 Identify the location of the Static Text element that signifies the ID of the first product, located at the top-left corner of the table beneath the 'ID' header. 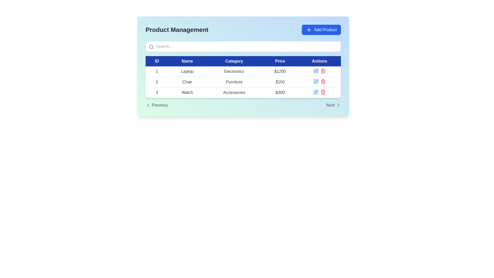
(156, 72).